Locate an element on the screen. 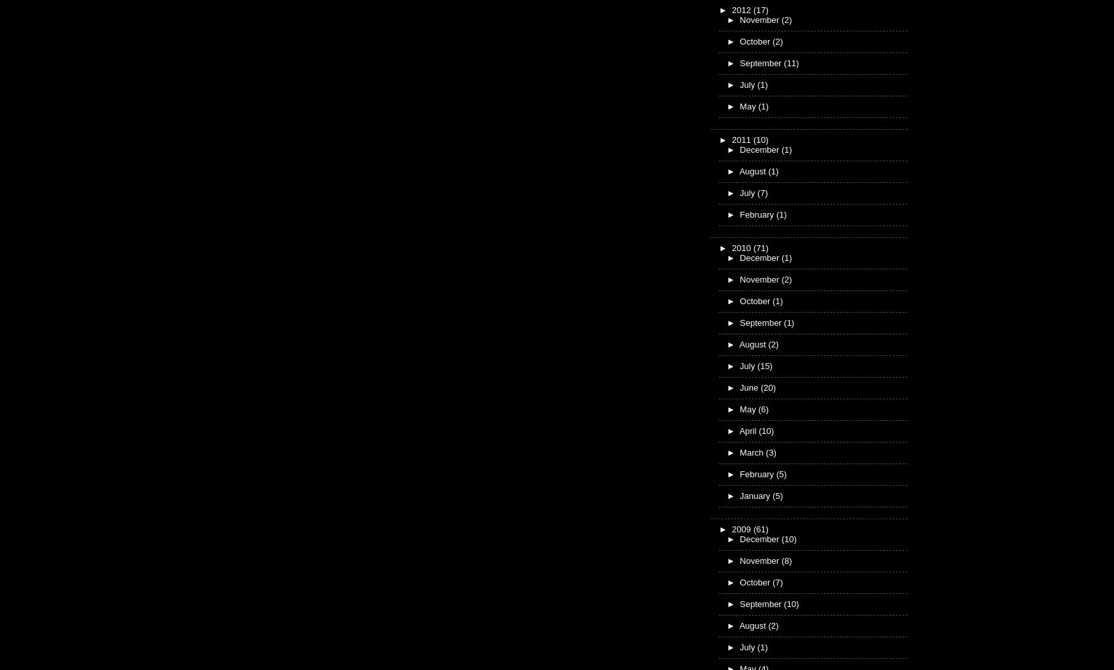 This screenshot has width=1114, height=670. '(61)' is located at coordinates (753, 528).